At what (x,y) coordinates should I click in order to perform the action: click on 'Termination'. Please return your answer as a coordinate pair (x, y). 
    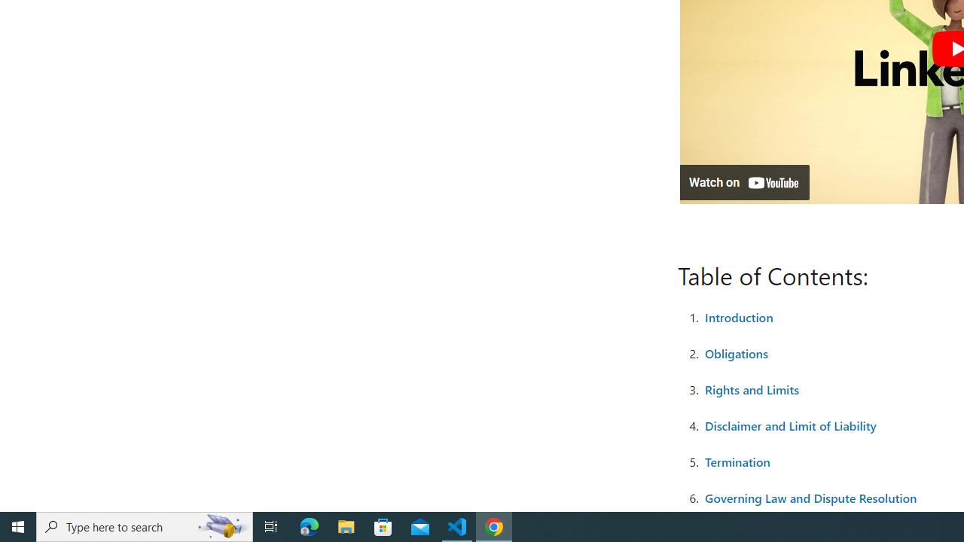
    Looking at the image, I should click on (737, 461).